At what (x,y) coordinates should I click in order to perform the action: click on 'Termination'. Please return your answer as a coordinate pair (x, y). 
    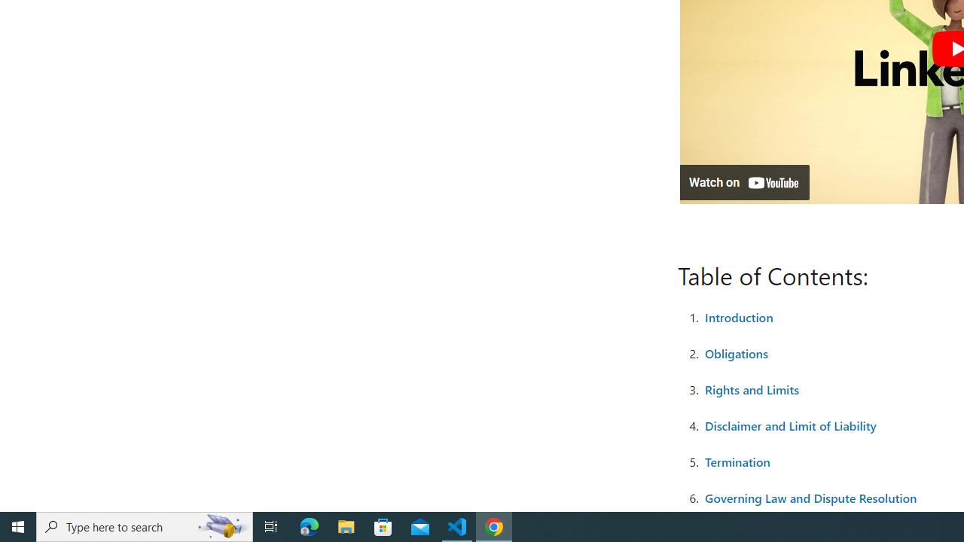
    Looking at the image, I should click on (737, 461).